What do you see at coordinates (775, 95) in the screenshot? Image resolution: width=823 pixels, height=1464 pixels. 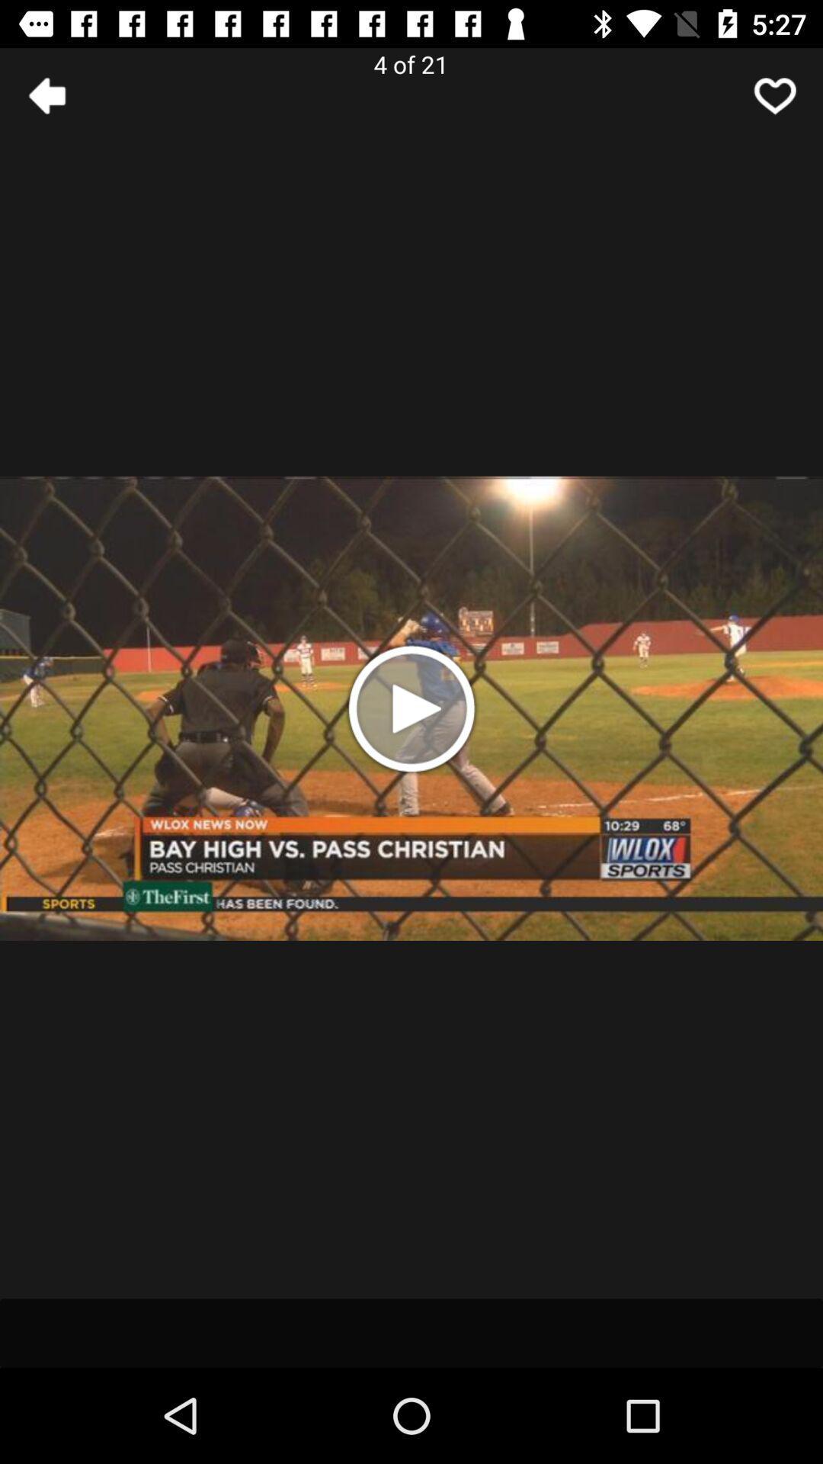 I see `set as best` at bounding box center [775, 95].